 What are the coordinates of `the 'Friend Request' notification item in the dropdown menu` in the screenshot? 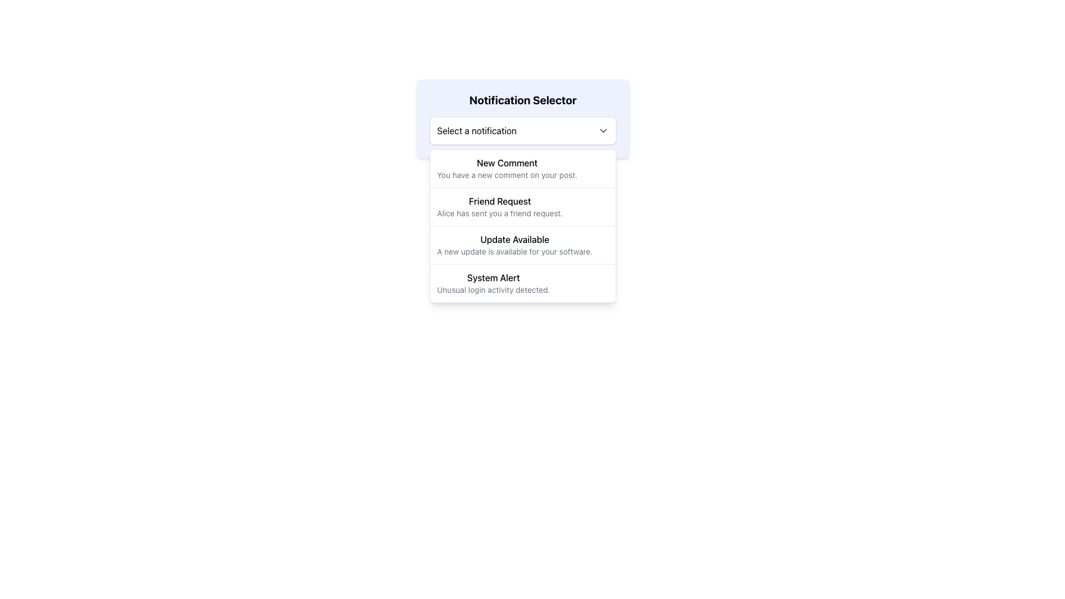 It's located at (499, 207).